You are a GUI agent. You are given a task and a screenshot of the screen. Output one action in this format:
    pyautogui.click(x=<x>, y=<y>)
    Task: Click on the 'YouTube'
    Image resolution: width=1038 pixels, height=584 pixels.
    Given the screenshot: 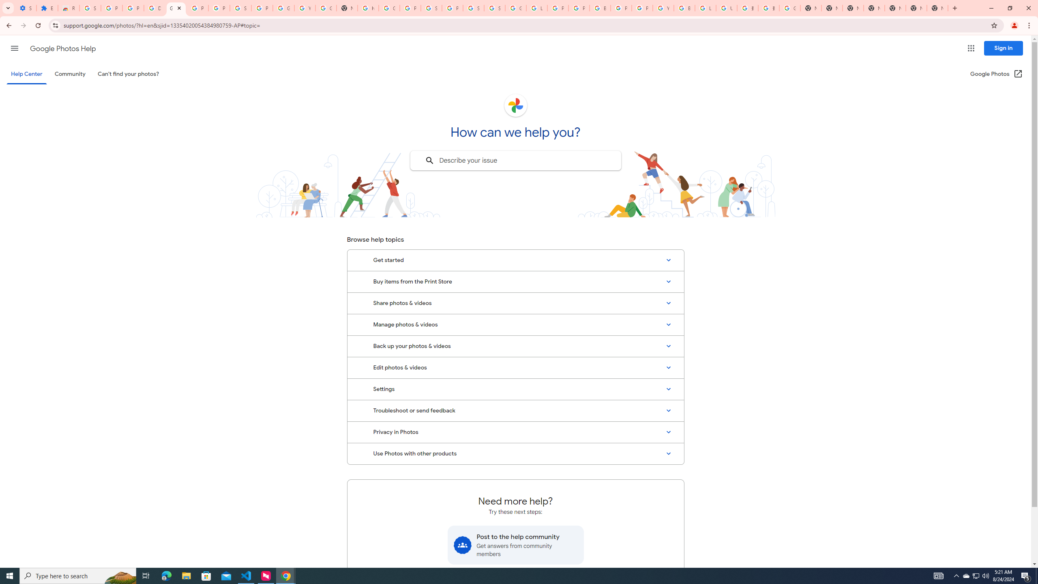 What is the action you would take?
    pyautogui.click(x=663, y=8)
    